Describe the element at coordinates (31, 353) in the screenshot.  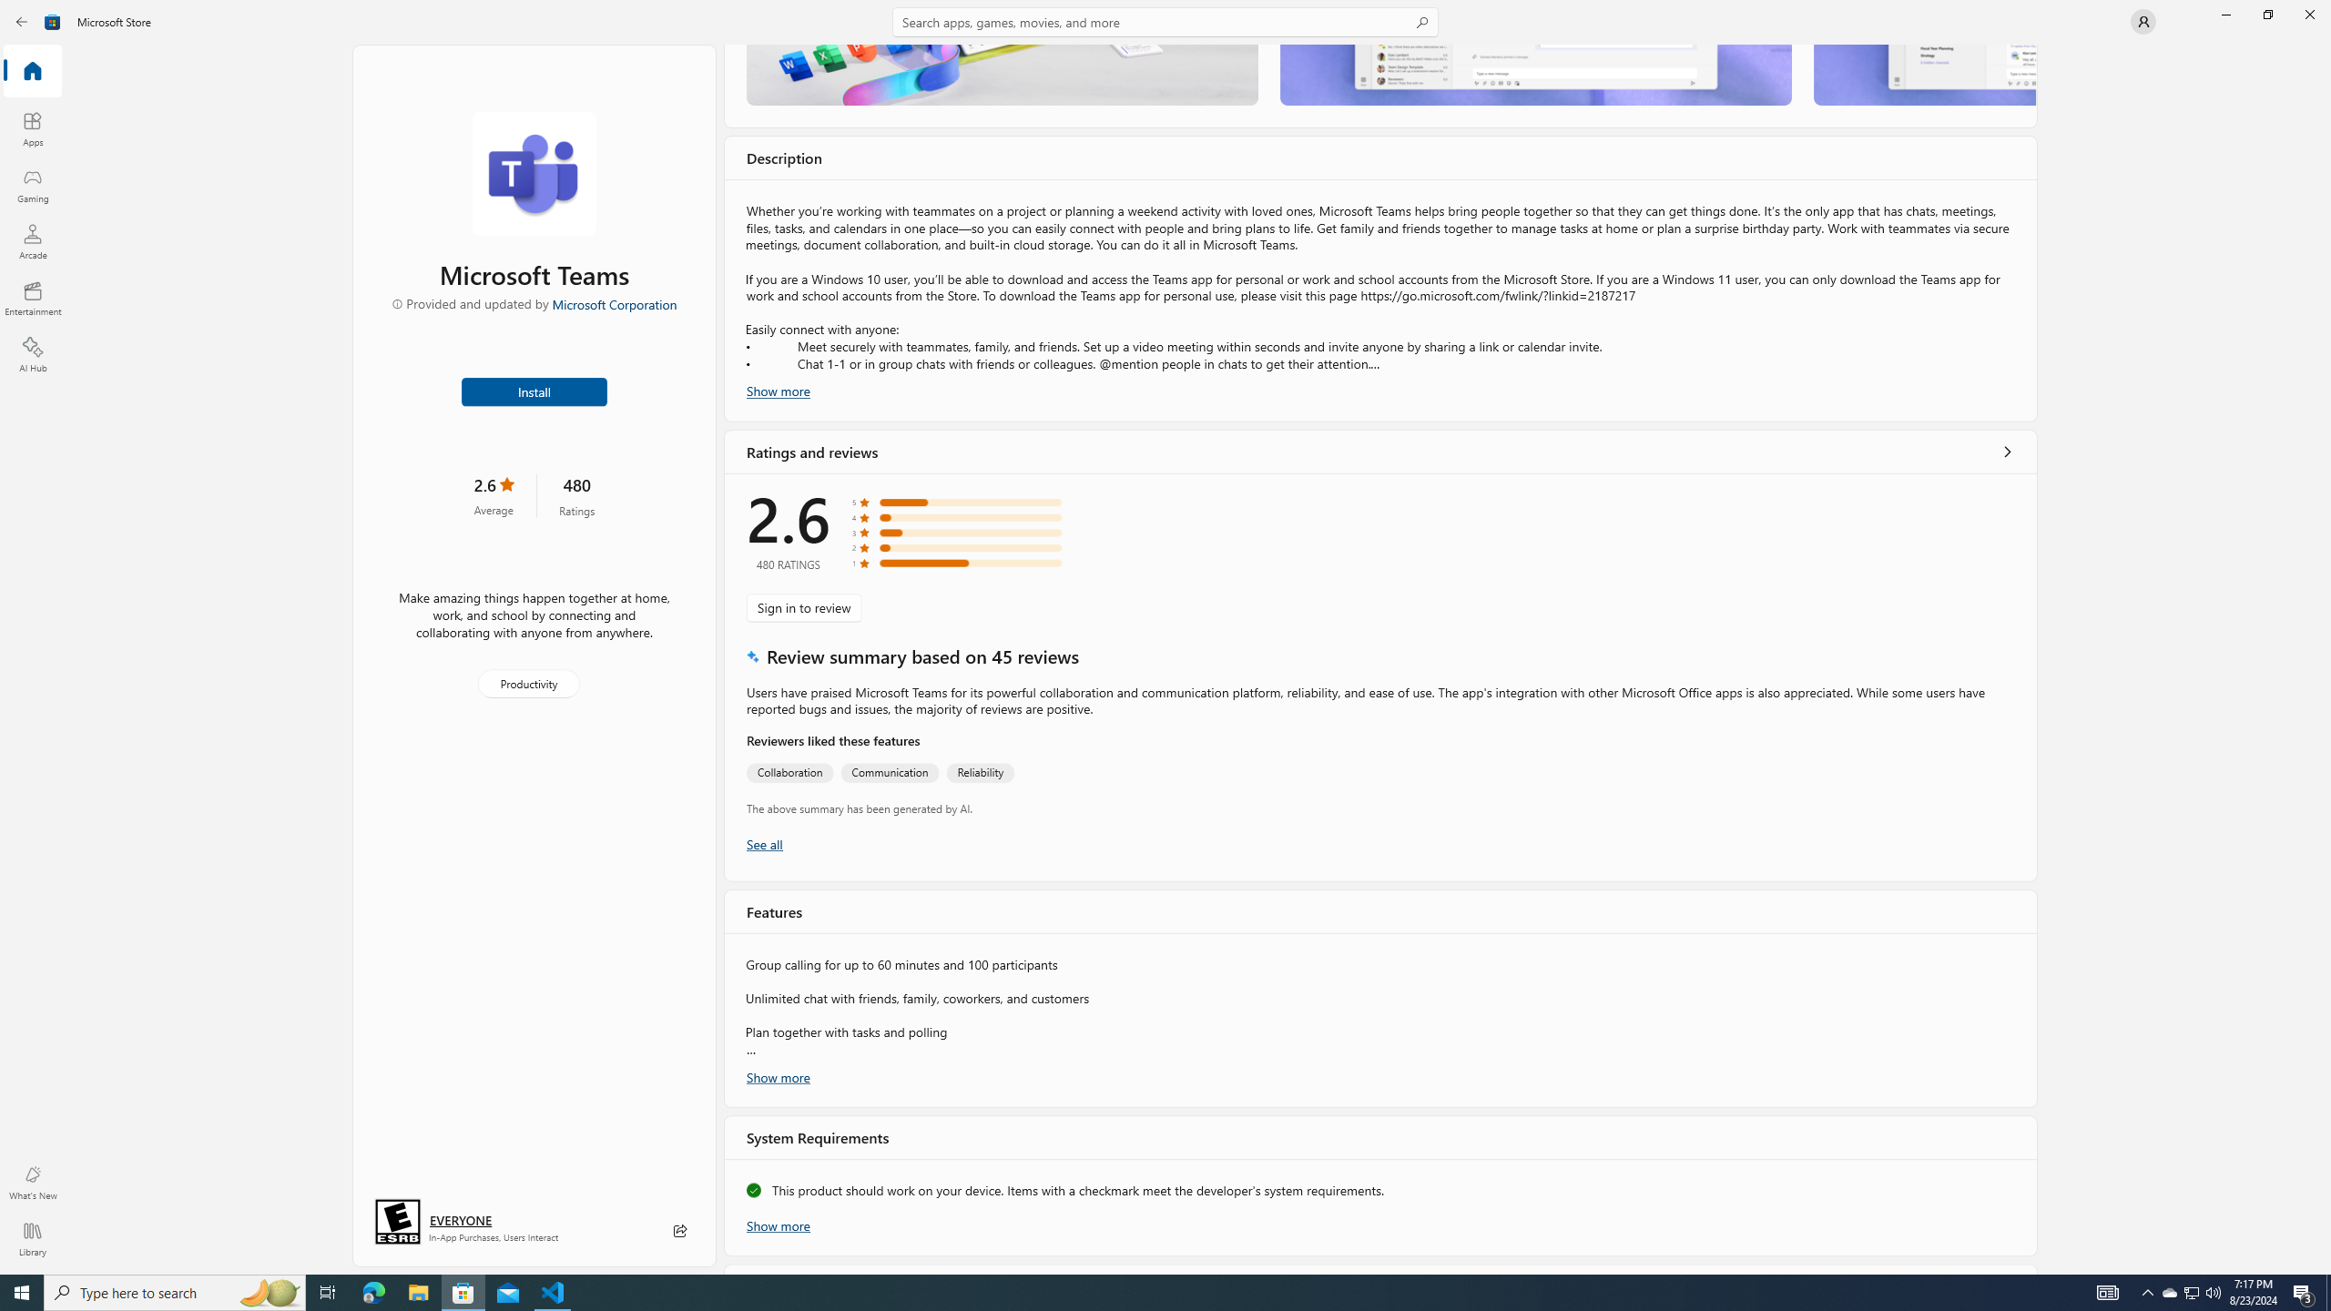
I see `'AI Hub'` at that location.